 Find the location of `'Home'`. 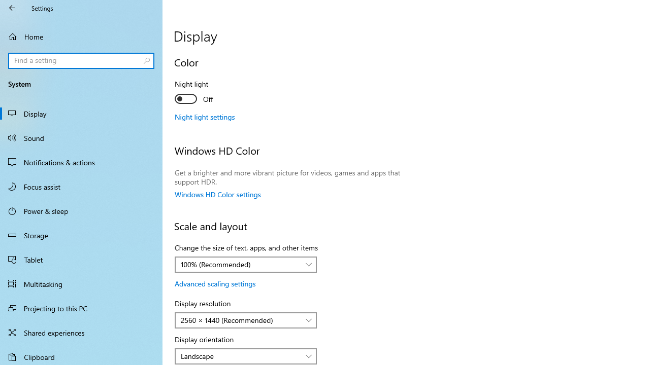

'Home' is located at coordinates (81, 36).